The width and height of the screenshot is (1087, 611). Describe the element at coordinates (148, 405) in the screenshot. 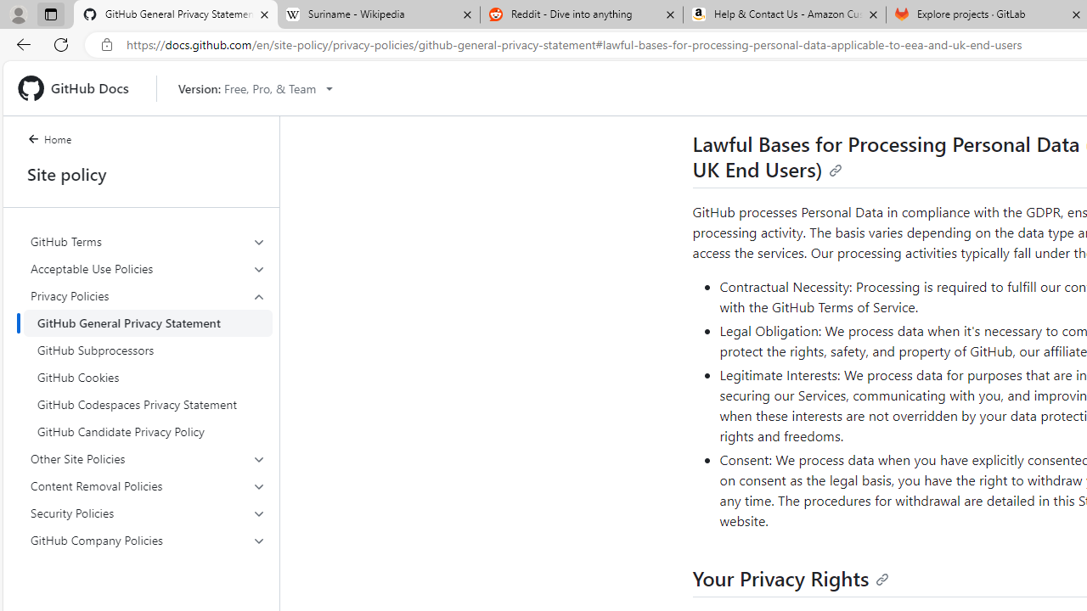

I see `'GitHub Codespaces Privacy Statement'` at that location.